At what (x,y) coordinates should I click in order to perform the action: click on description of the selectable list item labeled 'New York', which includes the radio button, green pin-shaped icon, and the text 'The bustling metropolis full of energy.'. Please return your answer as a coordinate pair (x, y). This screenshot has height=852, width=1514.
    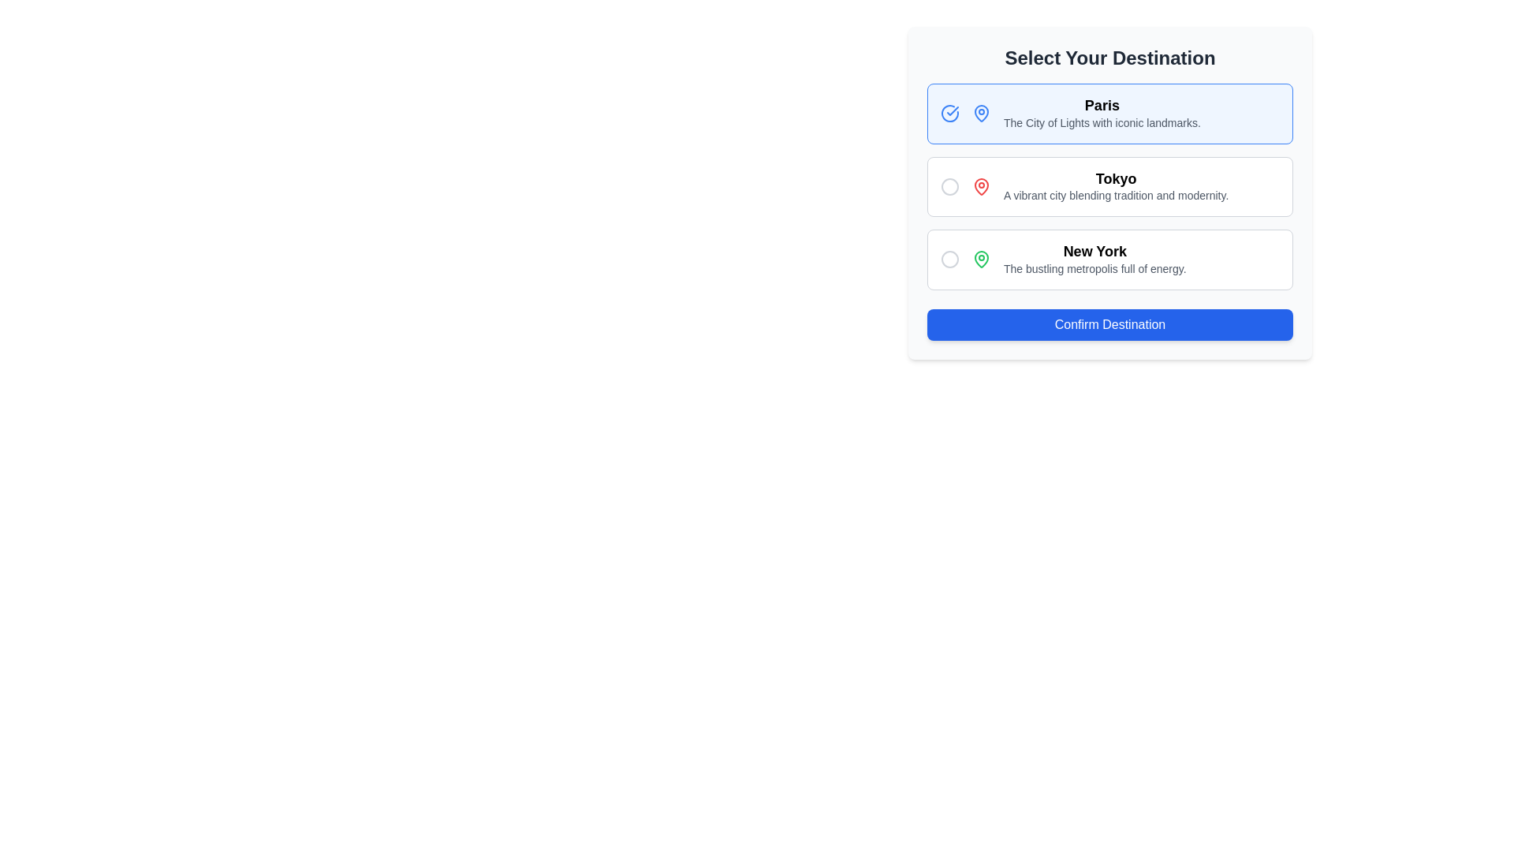
    Looking at the image, I should click on (1109, 258).